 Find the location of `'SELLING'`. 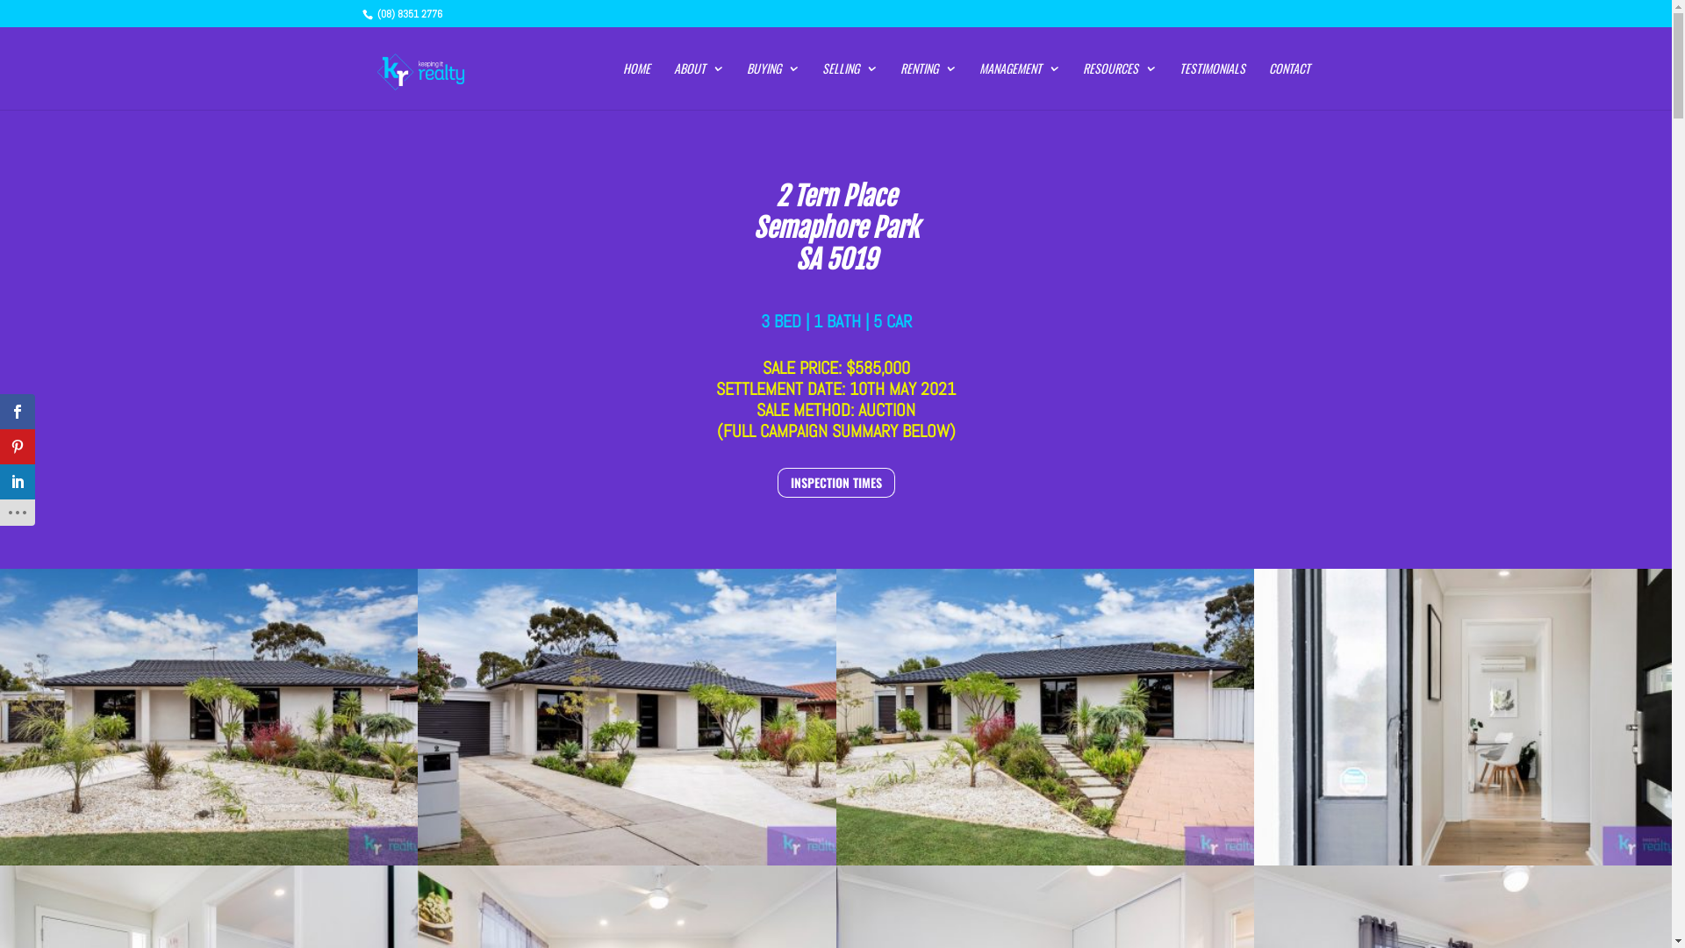

'SELLING' is located at coordinates (848, 85).